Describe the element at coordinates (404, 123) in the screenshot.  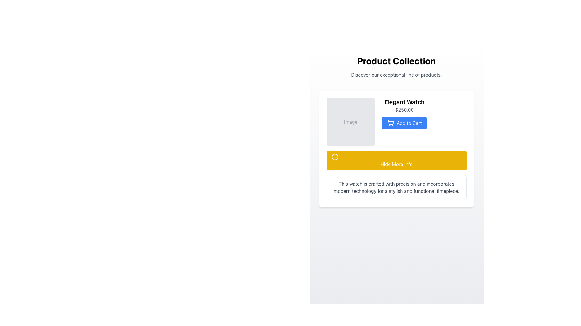
I see `the 'Add to Cart' button for the product 'Elegant Watch' located below its name and price` at that location.